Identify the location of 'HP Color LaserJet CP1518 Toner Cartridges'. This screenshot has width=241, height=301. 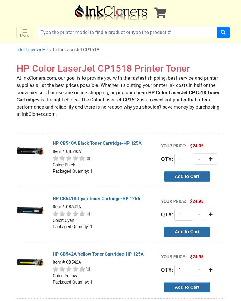
(117, 96).